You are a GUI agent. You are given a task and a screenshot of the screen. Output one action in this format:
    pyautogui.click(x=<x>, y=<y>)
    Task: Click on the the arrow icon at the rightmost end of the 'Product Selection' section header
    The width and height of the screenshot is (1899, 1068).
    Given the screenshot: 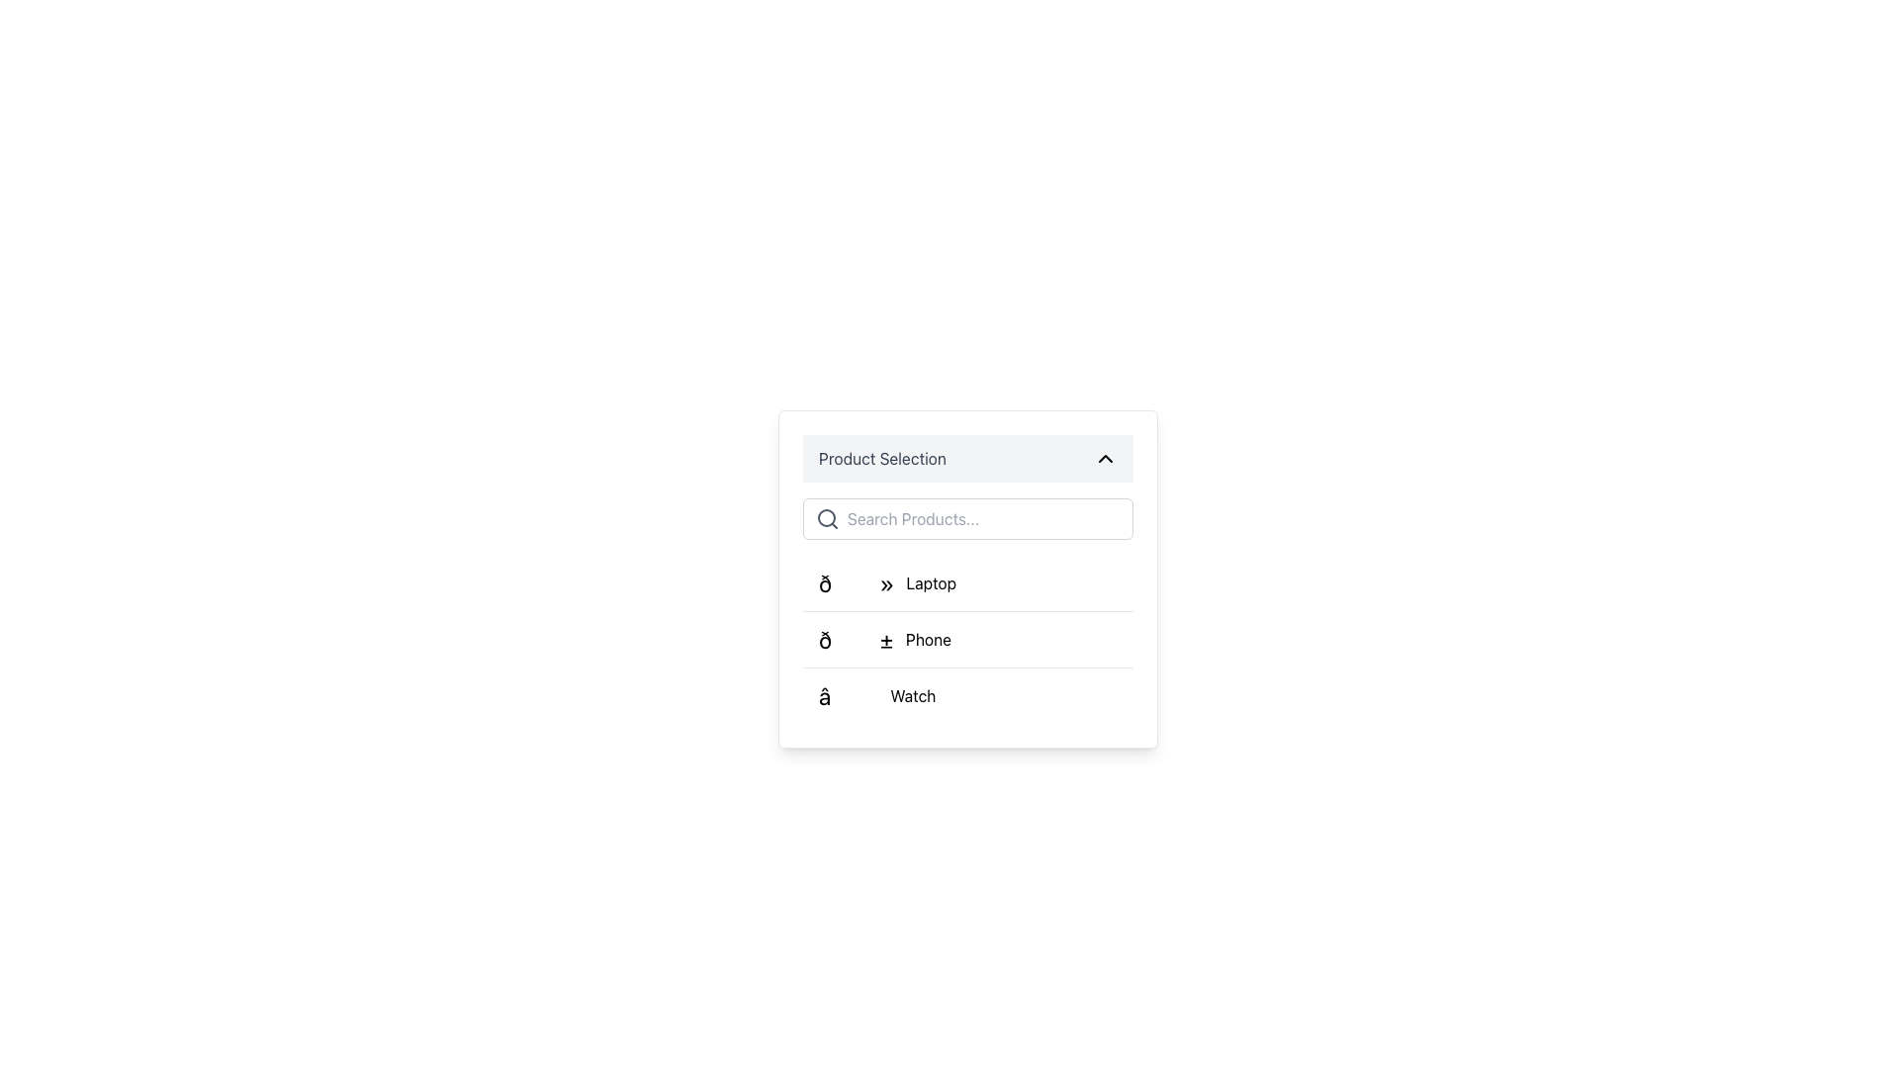 What is the action you would take?
    pyautogui.click(x=1105, y=458)
    